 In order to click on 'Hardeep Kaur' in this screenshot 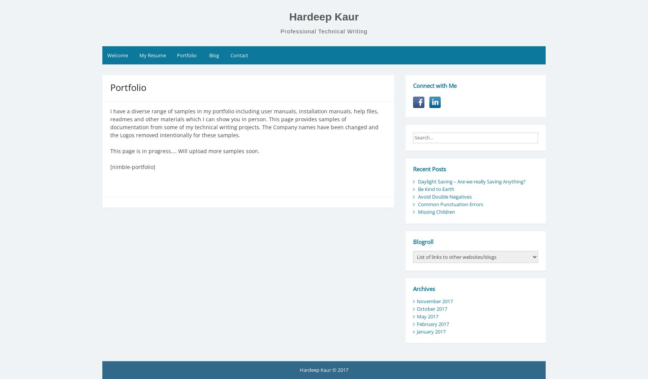, I will do `click(324, 17)`.